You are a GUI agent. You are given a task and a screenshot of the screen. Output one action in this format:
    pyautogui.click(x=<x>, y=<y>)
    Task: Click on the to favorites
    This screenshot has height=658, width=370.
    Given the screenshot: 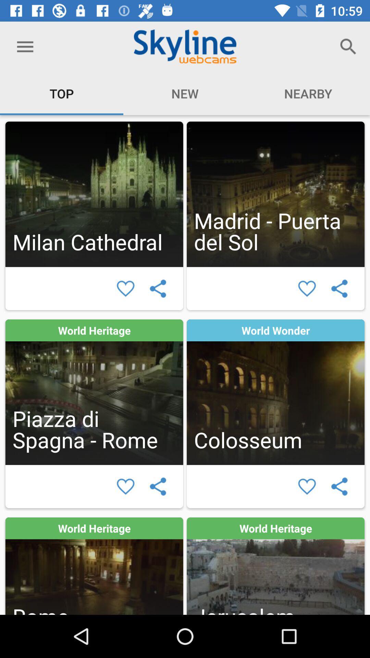 What is the action you would take?
    pyautogui.click(x=307, y=486)
    